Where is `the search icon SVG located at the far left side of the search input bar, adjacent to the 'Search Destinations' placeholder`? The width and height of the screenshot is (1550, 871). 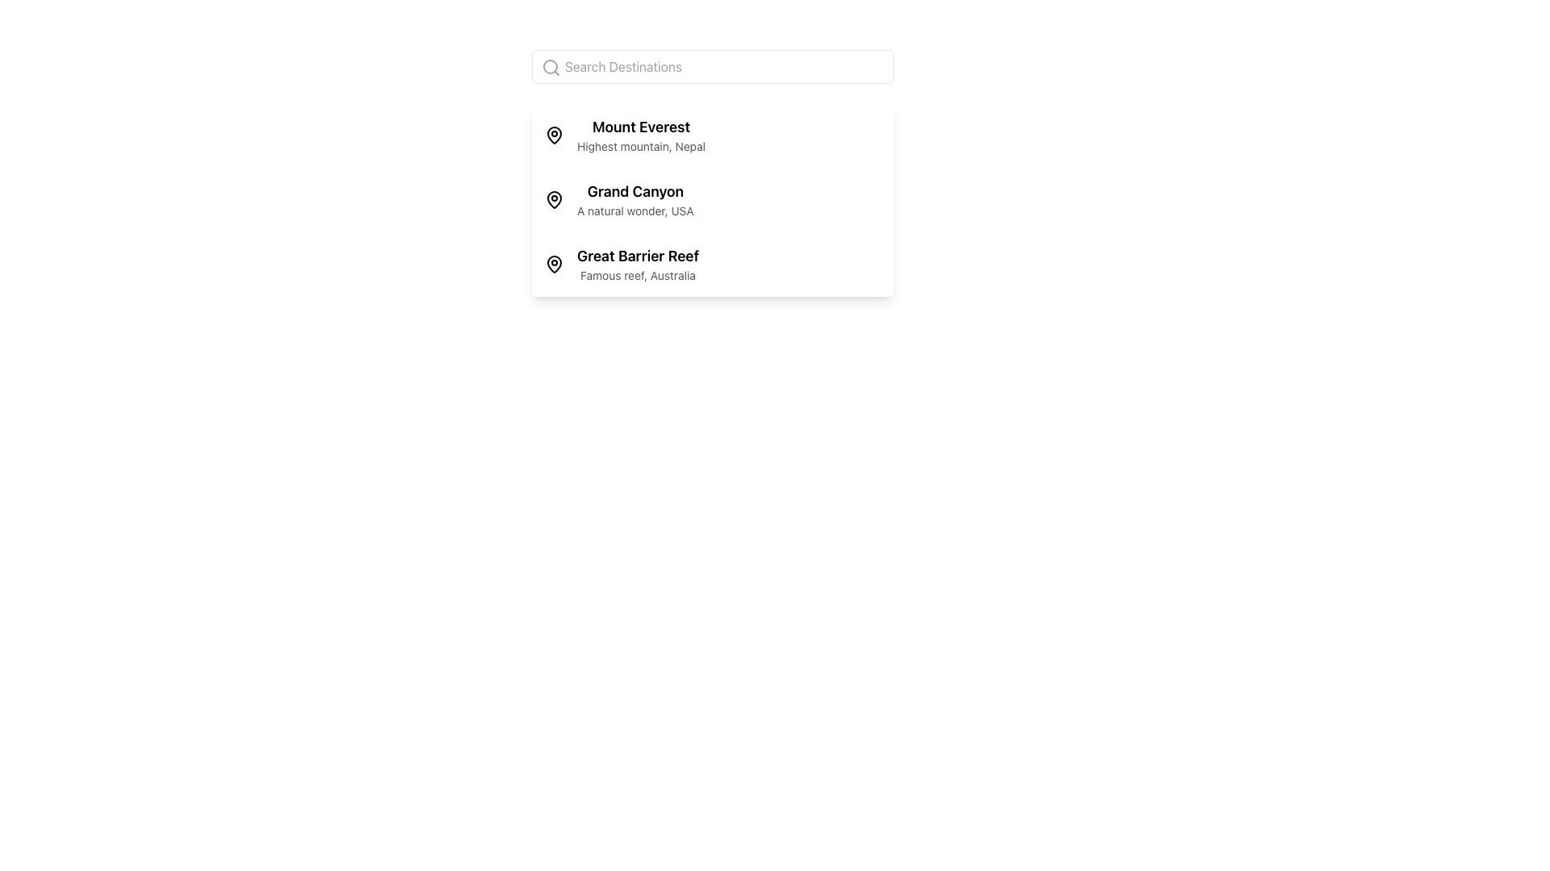 the search icon SVG located at the far left side of the search input bar, adjacent to the 'Search Destinations' placeholder is located at coordinates (551, 67).